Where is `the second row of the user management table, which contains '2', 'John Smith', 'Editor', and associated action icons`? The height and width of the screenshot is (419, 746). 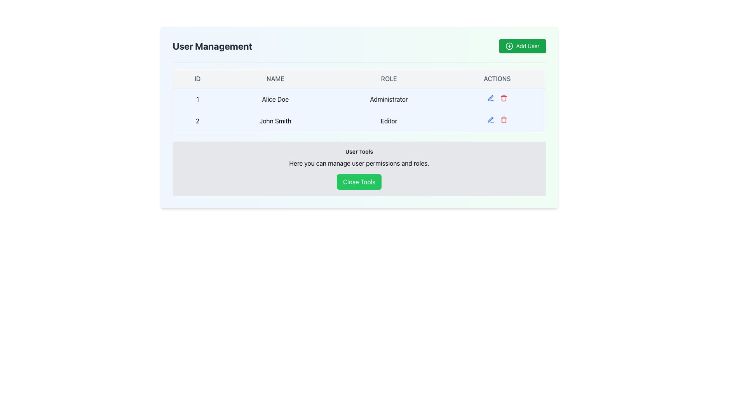
the second row of the user management table, which contains '2', 'John Smith', 'Editor', and associated action icons is located at coordinates (359, 110).